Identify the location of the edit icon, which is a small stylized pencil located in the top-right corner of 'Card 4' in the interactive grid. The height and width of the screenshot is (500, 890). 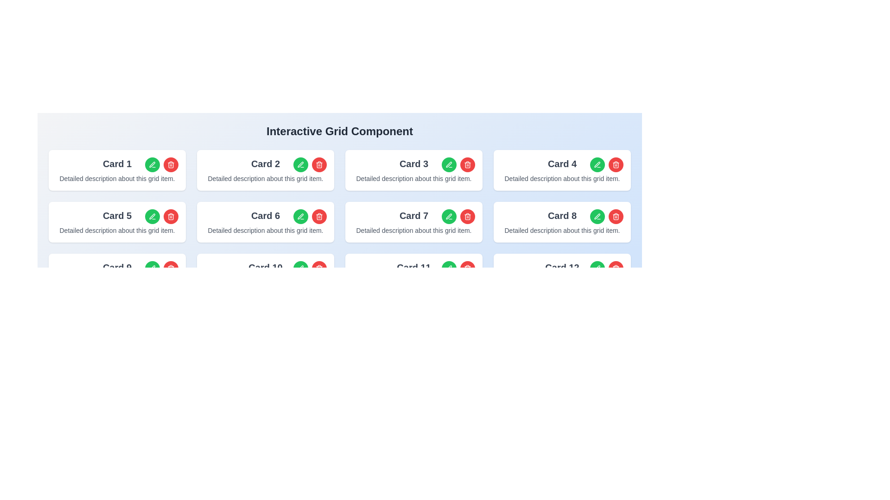
(597, 164).